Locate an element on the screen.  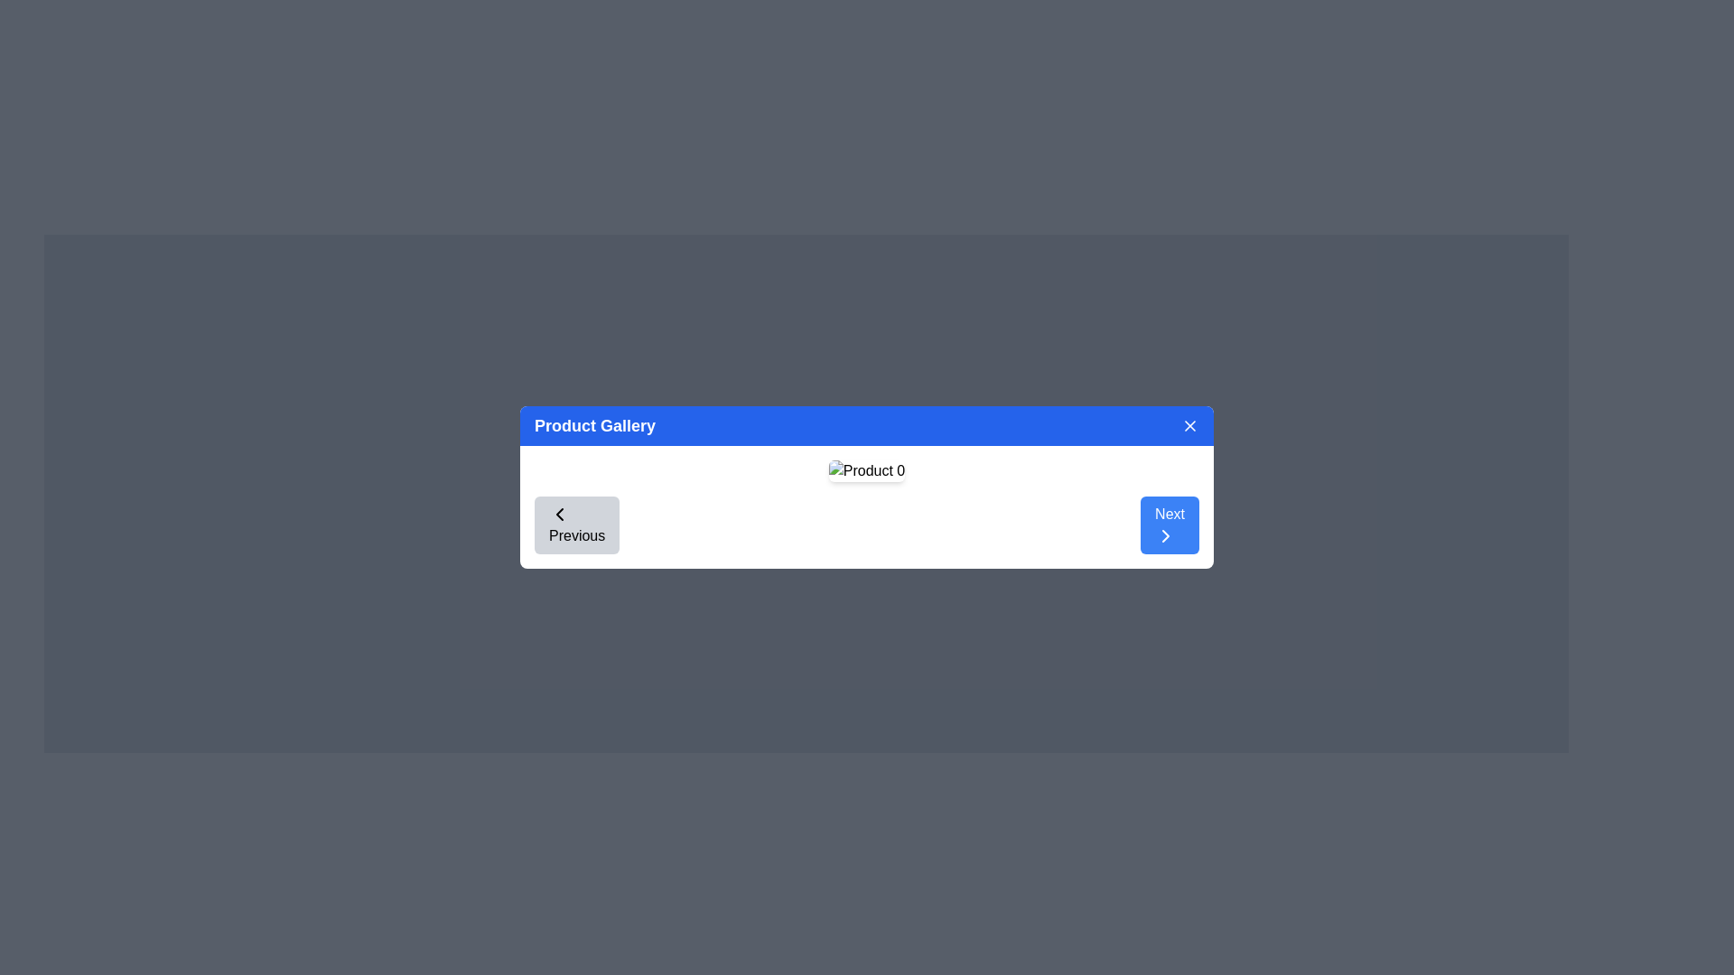
the SVG icon embedded within the 'Next' button located in the lower-right corner of the 'Product Gallery' modal interface is located at coordinates (1166, 535).